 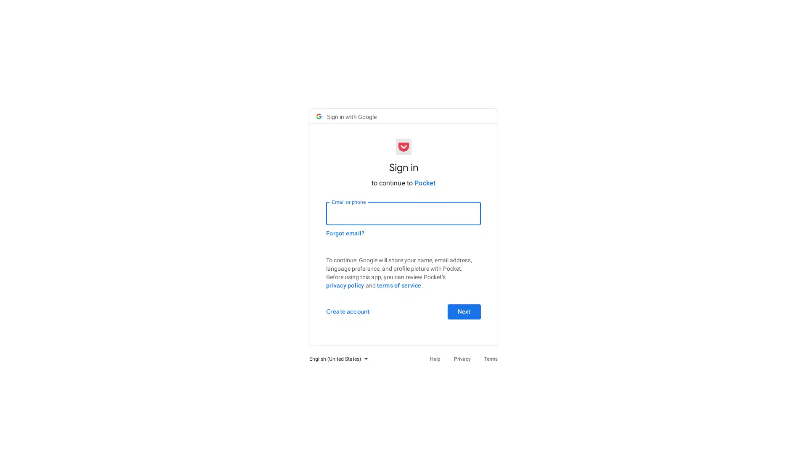 What do you see at coordinates (425, 182) in the screenshot?
I see `Pocket` at bounding box center [425, 182].